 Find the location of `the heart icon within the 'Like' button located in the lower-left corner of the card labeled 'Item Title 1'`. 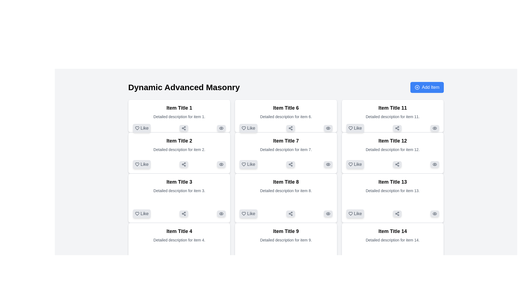

the heart icon within the 'Like' button located in the lower-left corner of the card labeled 'Item Title 1' is located at coordinates (137, 128).